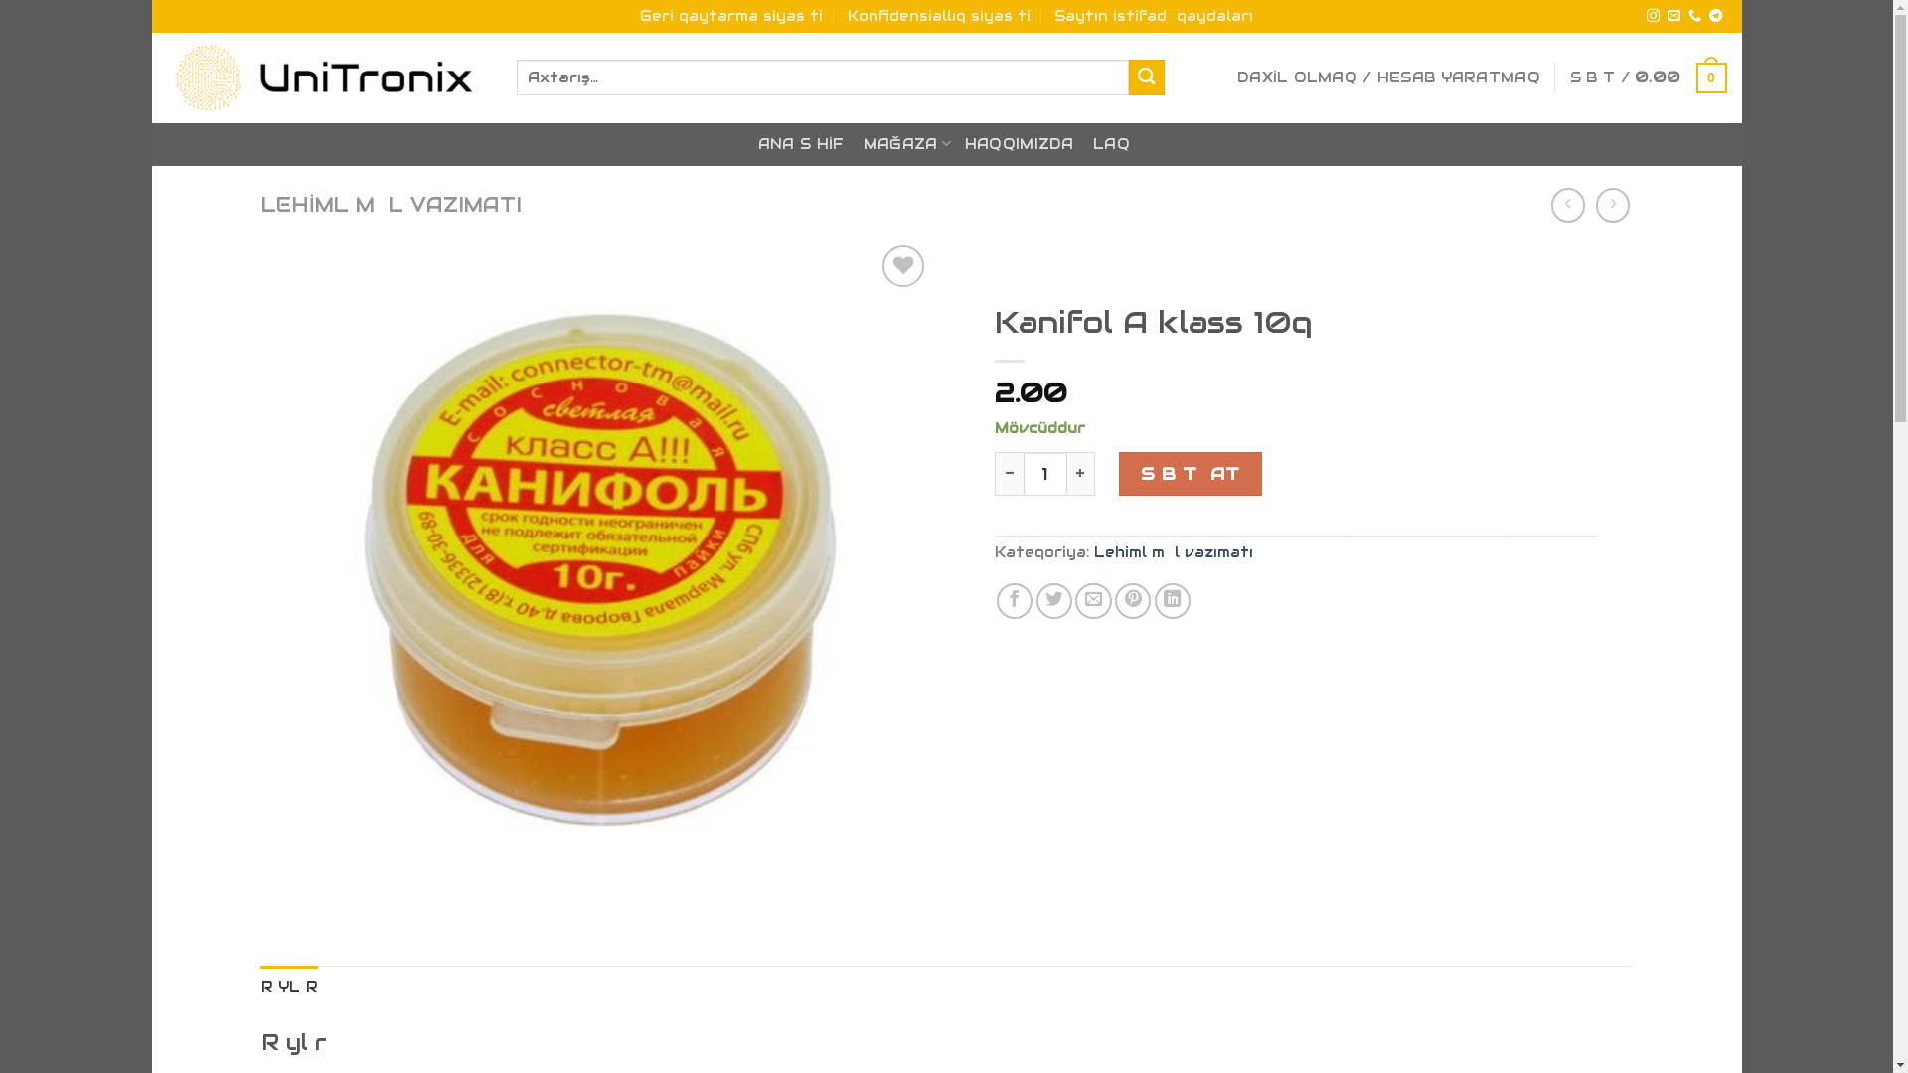 This screenshot has height=1073, width=1908. What do you see at coordinates (1387, 76) in the screenshot?
I see `'DAXIL OLMAQ / HESAB YARATMAQ'` at bounding box center [1387, 76].